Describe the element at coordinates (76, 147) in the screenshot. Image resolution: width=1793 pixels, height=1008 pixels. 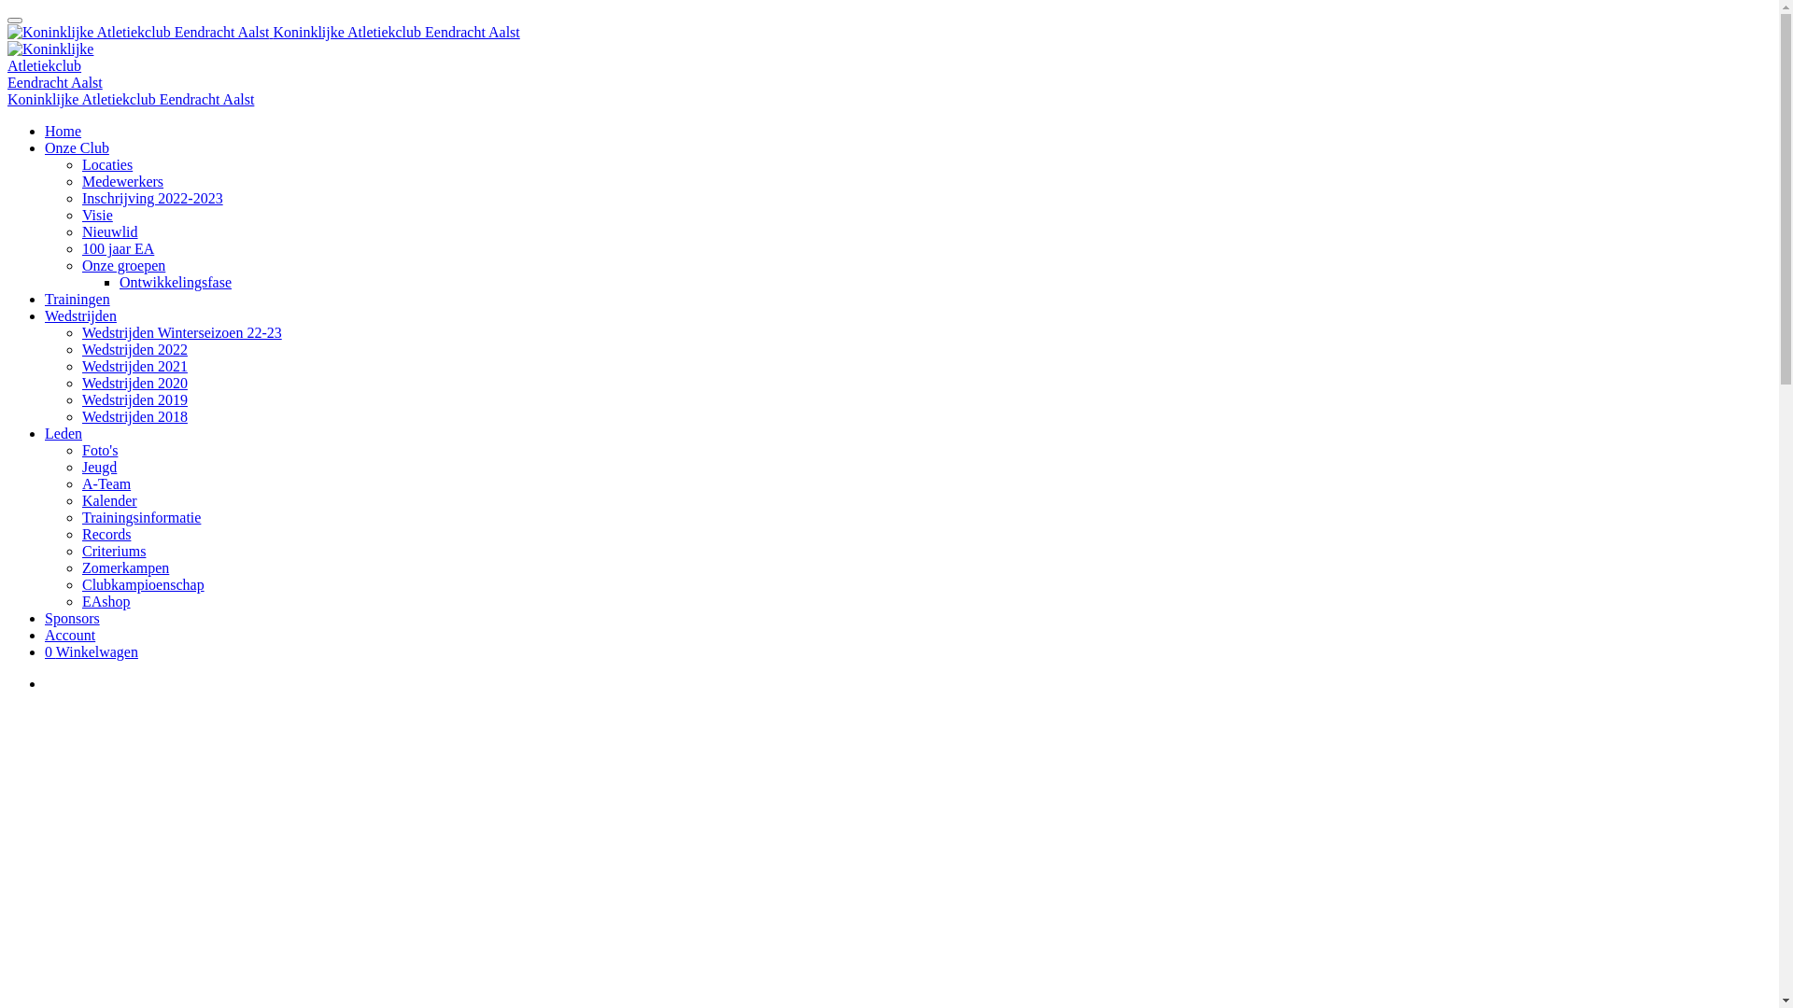
I see `'Onze Club'` at that location.